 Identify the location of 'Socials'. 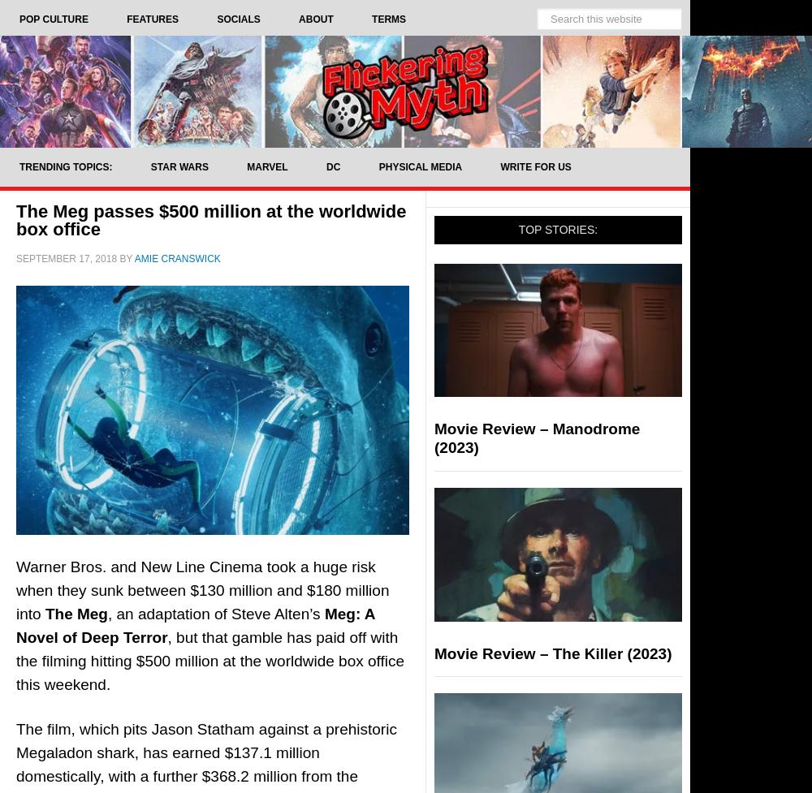
(238, 19).